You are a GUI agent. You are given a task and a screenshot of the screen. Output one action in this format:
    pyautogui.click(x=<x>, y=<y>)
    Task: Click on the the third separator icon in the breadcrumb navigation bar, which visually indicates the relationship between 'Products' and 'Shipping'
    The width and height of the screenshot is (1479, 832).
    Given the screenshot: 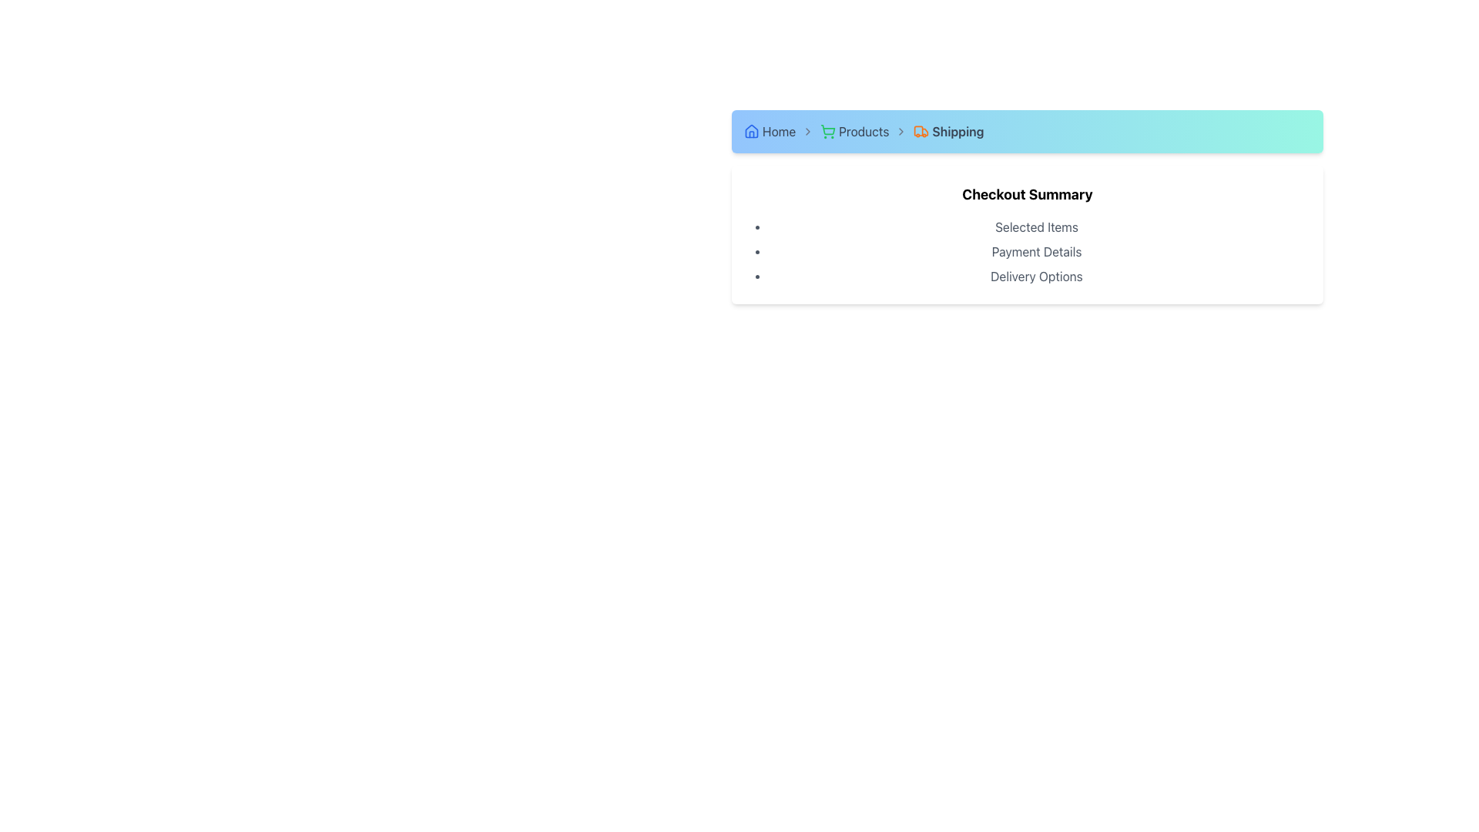 What is the action you would take?
    pyautogui.click(x=901, y=130)
    